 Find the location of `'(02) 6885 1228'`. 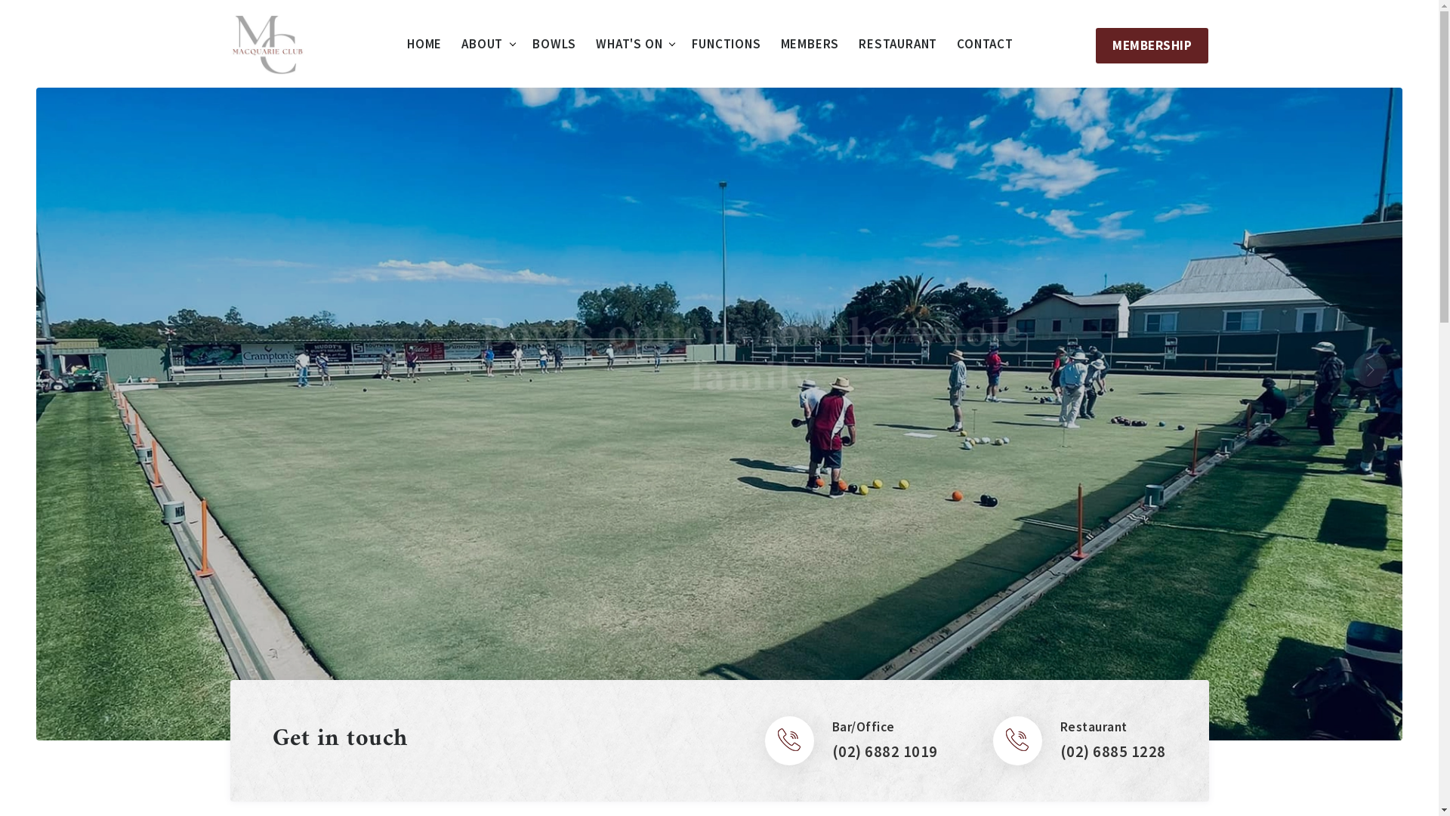

'(02) 6885 1228' is located at coordinates (1112, 752).